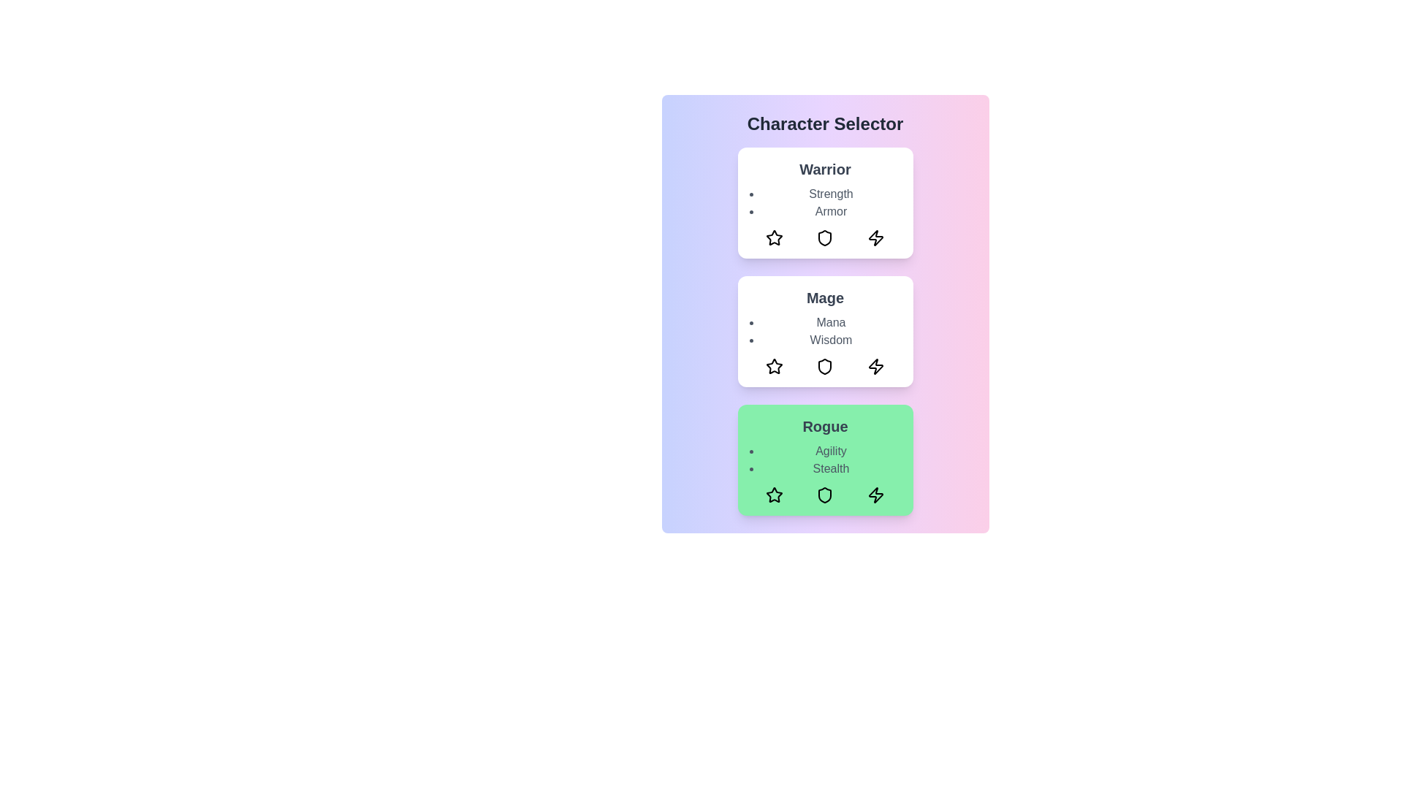 This screenshot has width=1403, height=789. I want to click on the character card for Mage, so click(825, 332).